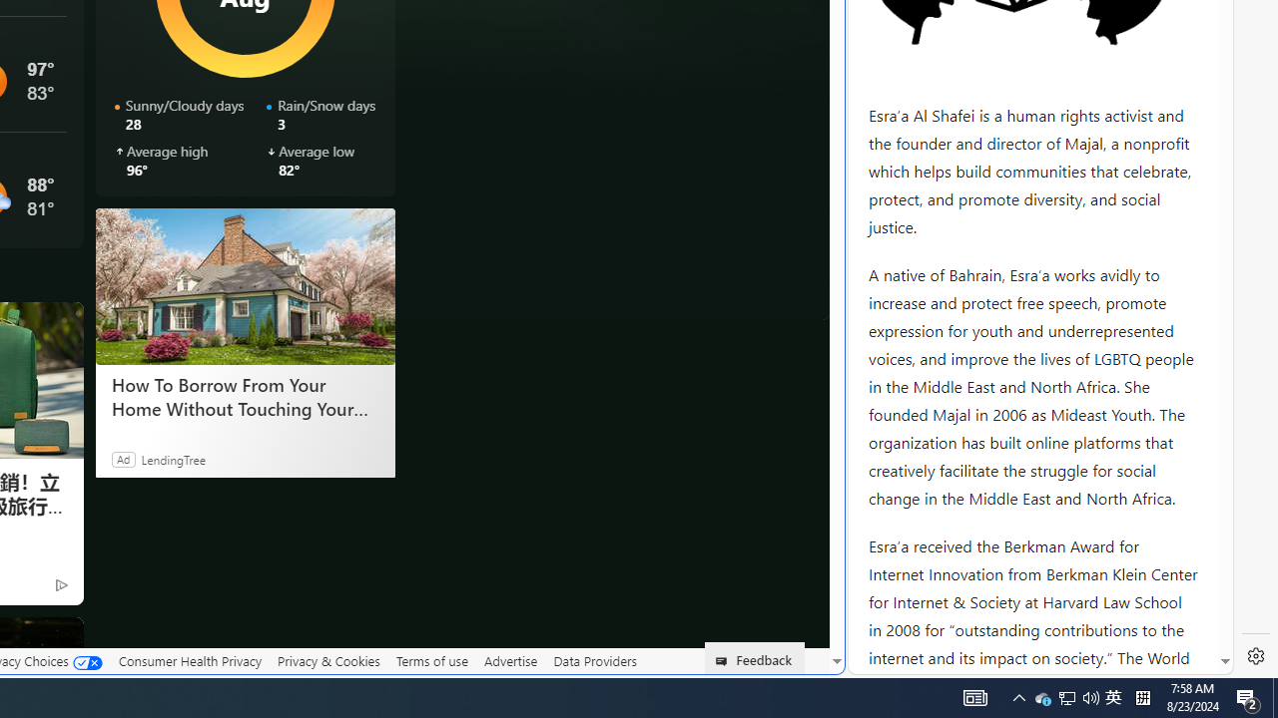  Describe the element at coordinates (593, 661) in the screenshot. I see `'Data Providers'` at that location.